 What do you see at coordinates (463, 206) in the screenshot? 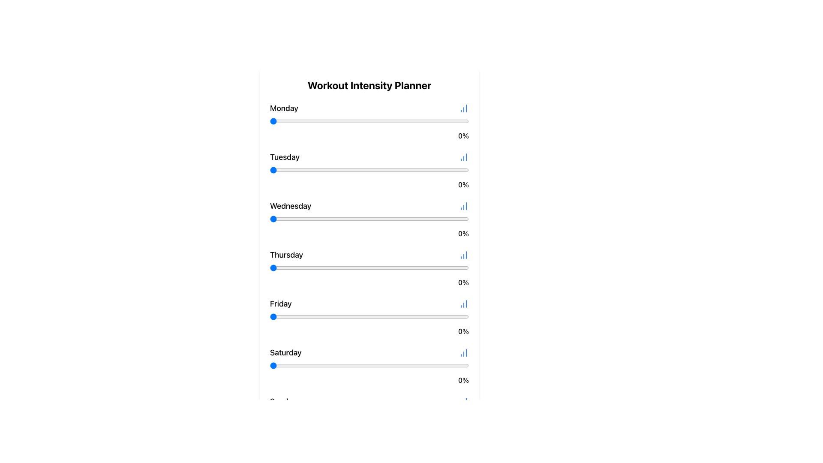
I see `the graphical chart icon associated with the 'Wednesday' label` at bounding box center [463, 206].